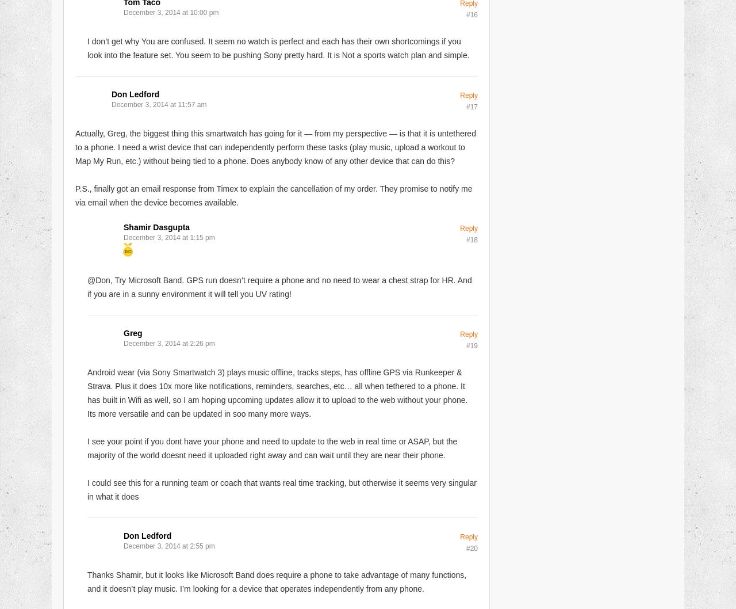 This screenshot has height=609, width=736. What do you see at coordinates (133, 332) in the screenshot?
I see `'Greg'` at bounding box center [133, 332].